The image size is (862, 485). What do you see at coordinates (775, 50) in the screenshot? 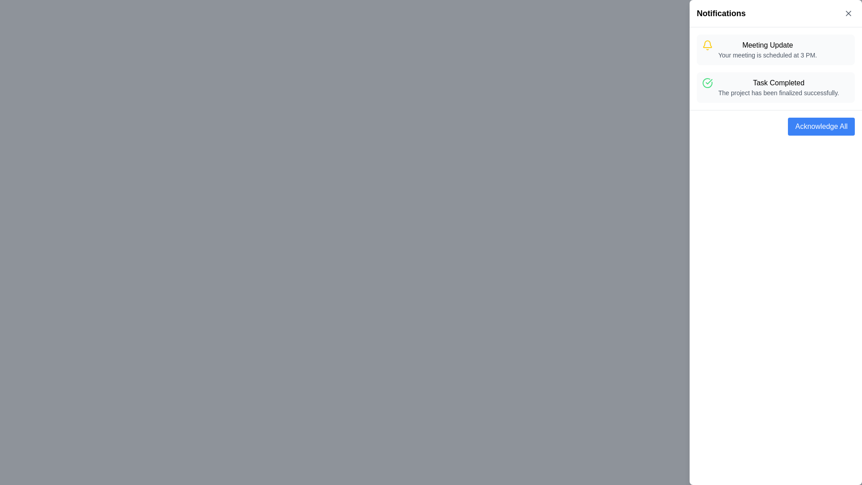
I see `the first notification item in the Notifications panel that informs users about an upcoming meeting scheduled at 3 PM` at bounding box center [775, 50].